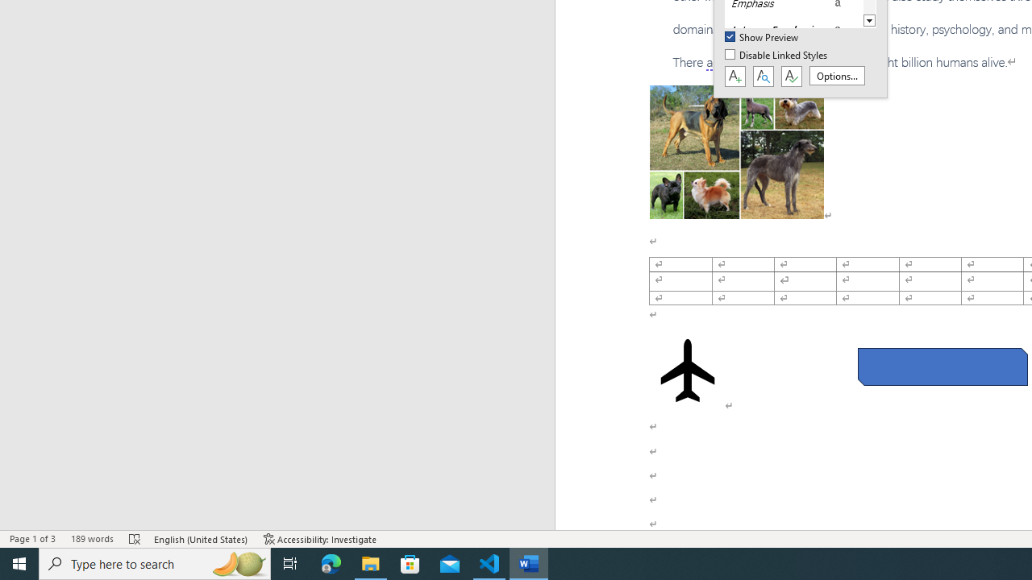  Describe the element at coordinates (201, 539) in the screenshot. I see `'Language English (United States)'` at that location.